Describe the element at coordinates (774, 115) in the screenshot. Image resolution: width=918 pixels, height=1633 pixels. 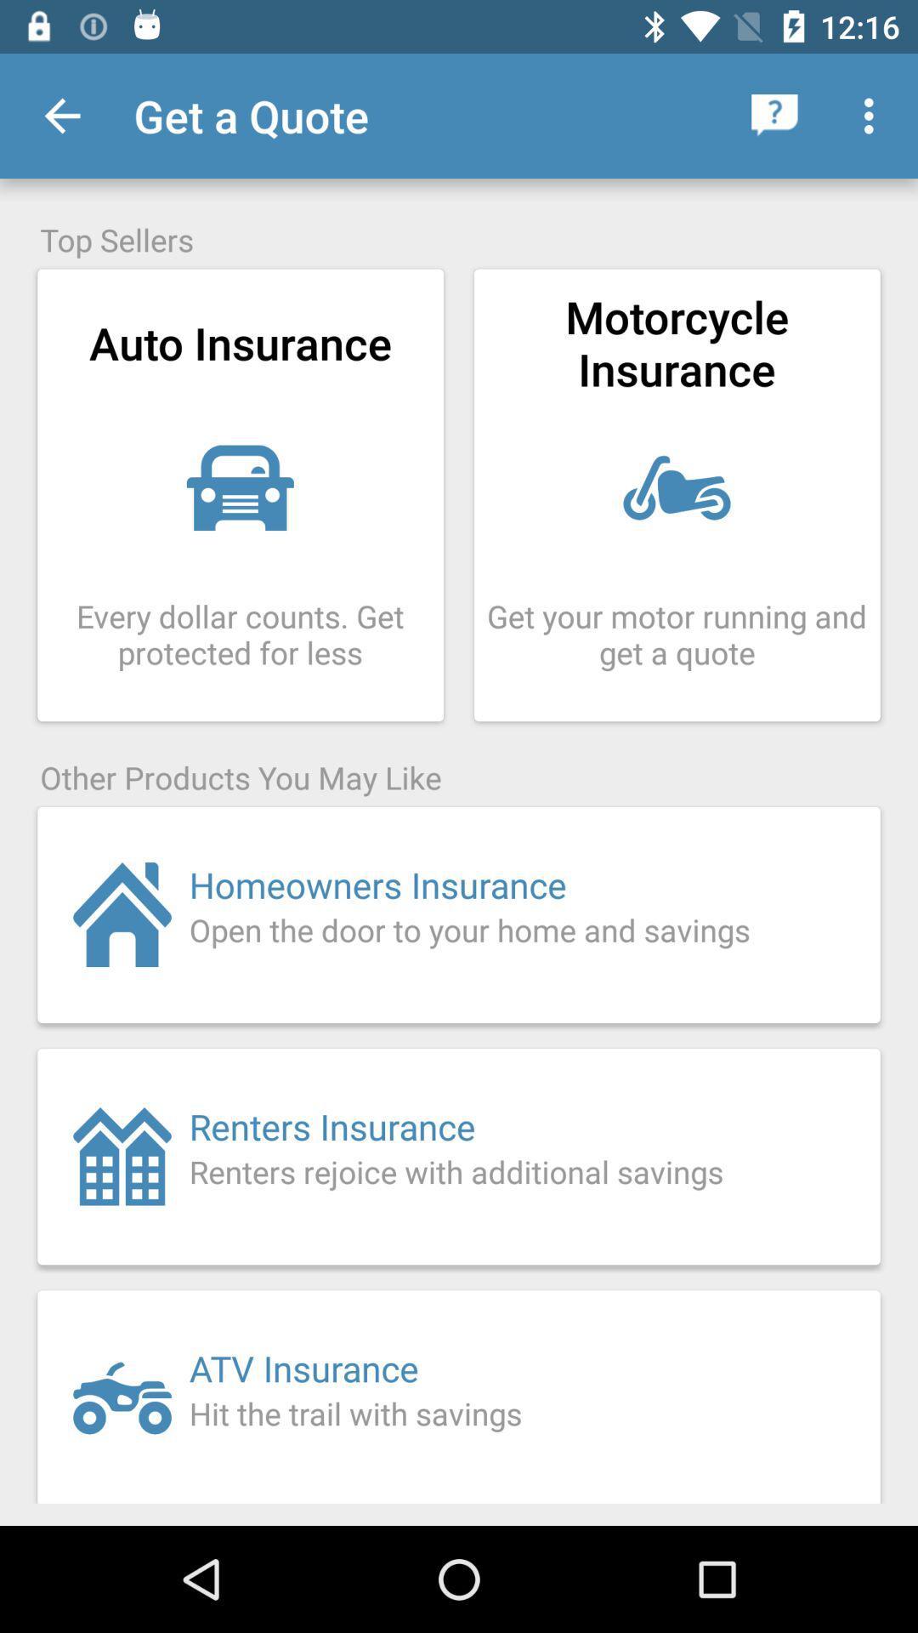
I see `the item to the right of get a quote` at that location.